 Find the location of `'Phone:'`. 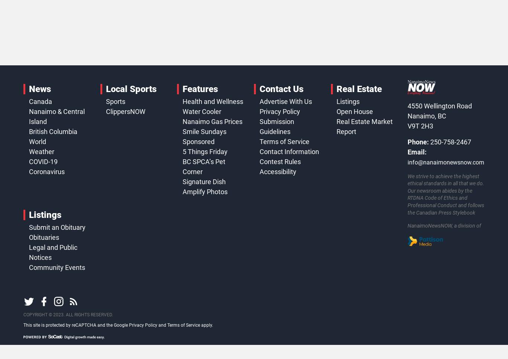

'Phone:' is located at coordinates (418, 141).